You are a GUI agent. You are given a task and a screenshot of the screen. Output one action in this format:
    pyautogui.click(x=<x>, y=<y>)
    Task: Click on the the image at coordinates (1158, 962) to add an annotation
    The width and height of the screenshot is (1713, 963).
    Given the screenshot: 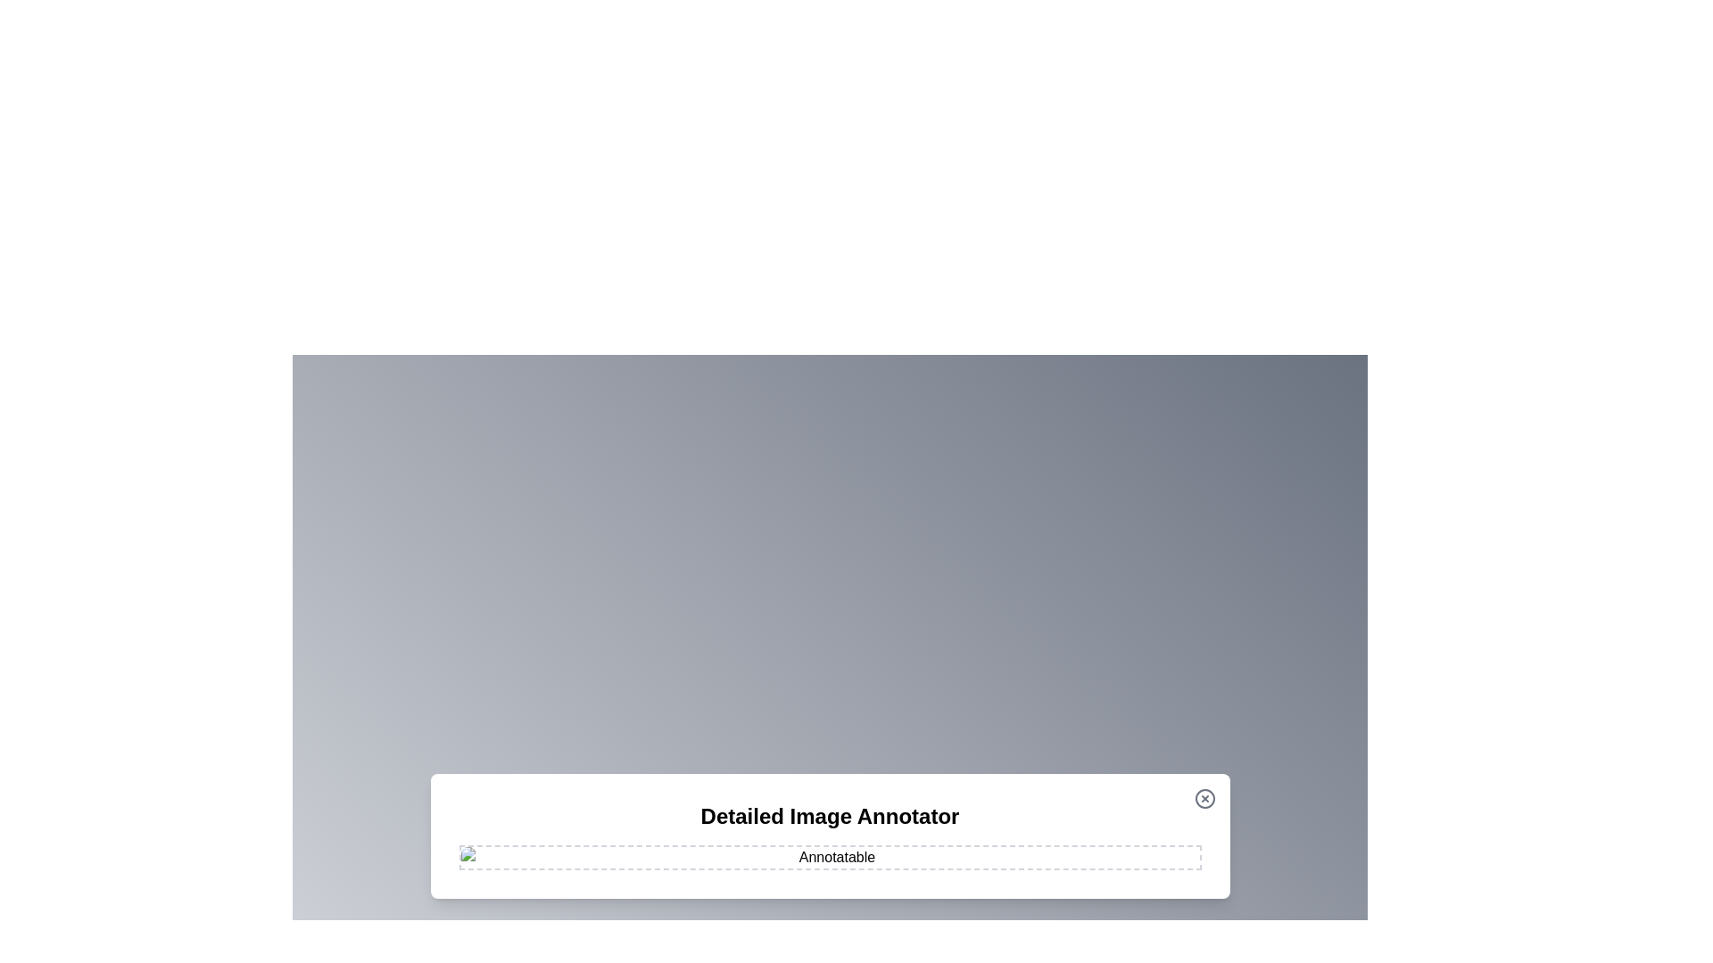 What is the action you would take?
    pyautogui.click(x=1032, y=856)
    